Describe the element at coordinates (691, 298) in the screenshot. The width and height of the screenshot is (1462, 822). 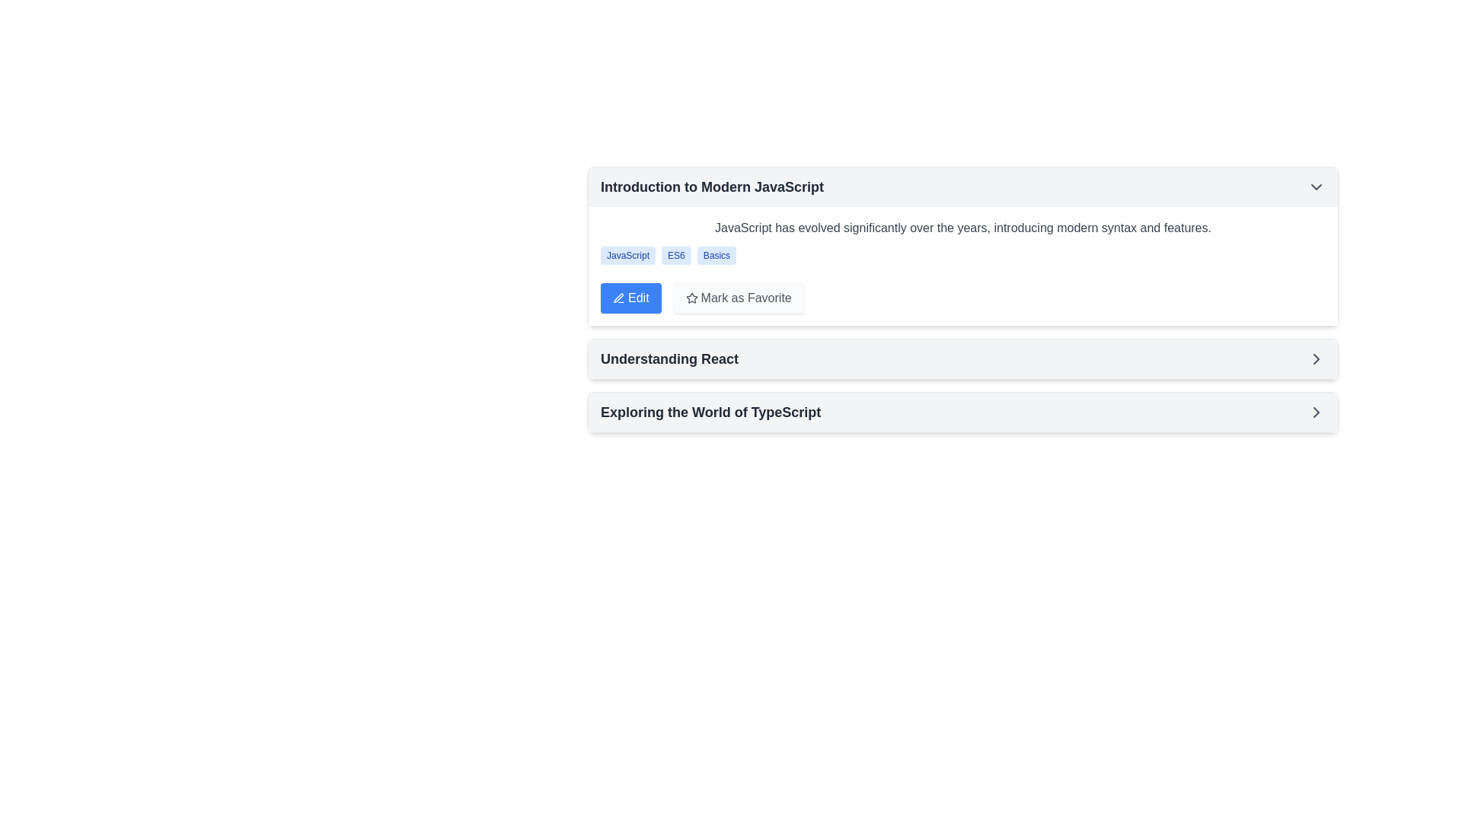
I see `the star icon located in the 'Introduction to Modern JavaScript' section to mark the item as a favorite` at that location.